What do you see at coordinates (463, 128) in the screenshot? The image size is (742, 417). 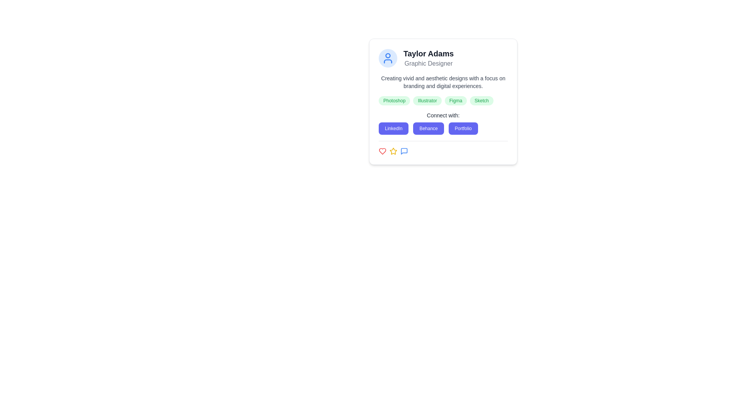 I see `the indigo 'Portfolio' button with rounded corners` at bounding box center [463, 128].